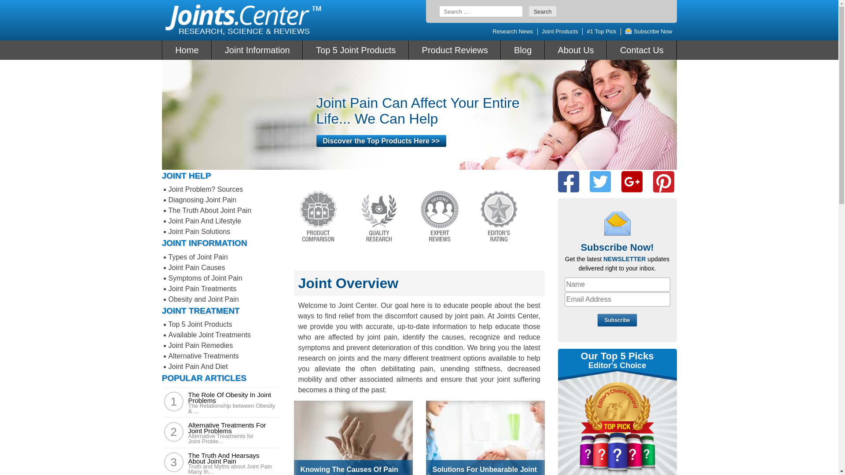 The width and height of the screenshot is (845, 475). What do you see at coordinates (381, 140) in the screenshot?
I see `'Discover the Top Products Here >>'` at bounding box center [381, 140].